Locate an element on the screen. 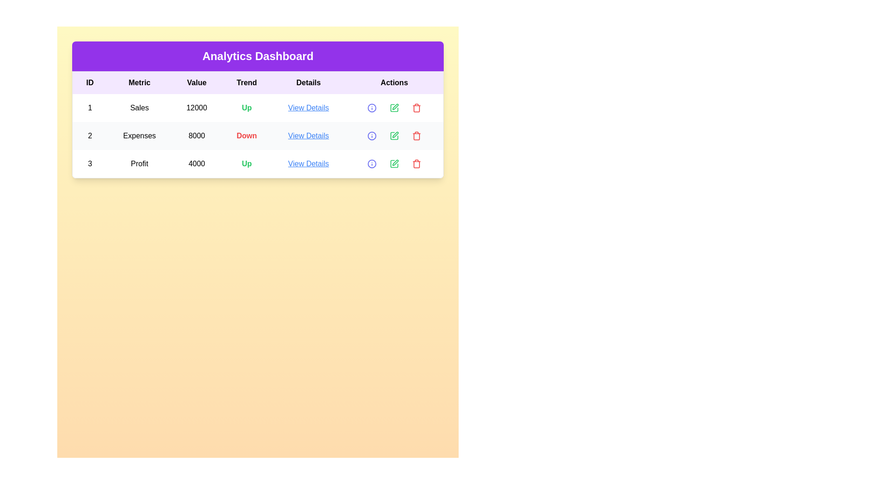  the green pencil icon in the Actions column of the second row is located at coordinates (394, 107).